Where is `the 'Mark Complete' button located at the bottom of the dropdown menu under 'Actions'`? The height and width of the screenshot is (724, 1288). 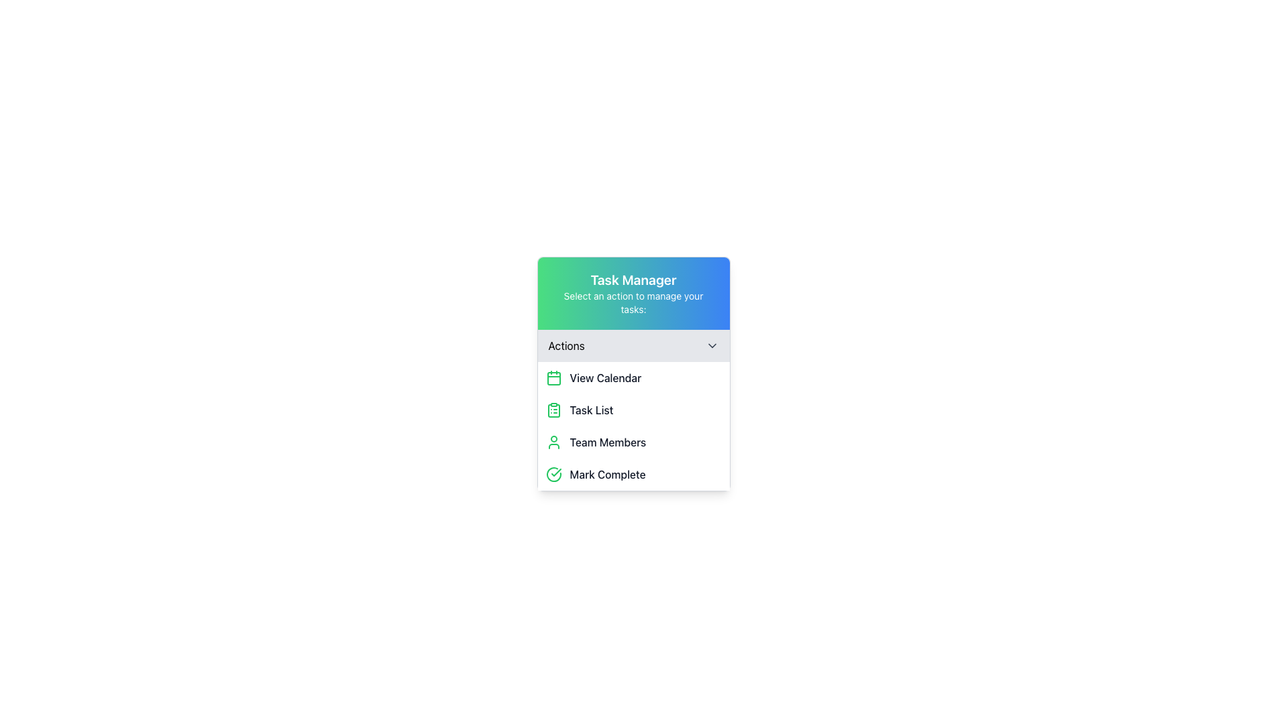
the 'Mark Complete' button located at the bottom of the dropdown menu under 'Actions' is located at coordinates (633, 474).